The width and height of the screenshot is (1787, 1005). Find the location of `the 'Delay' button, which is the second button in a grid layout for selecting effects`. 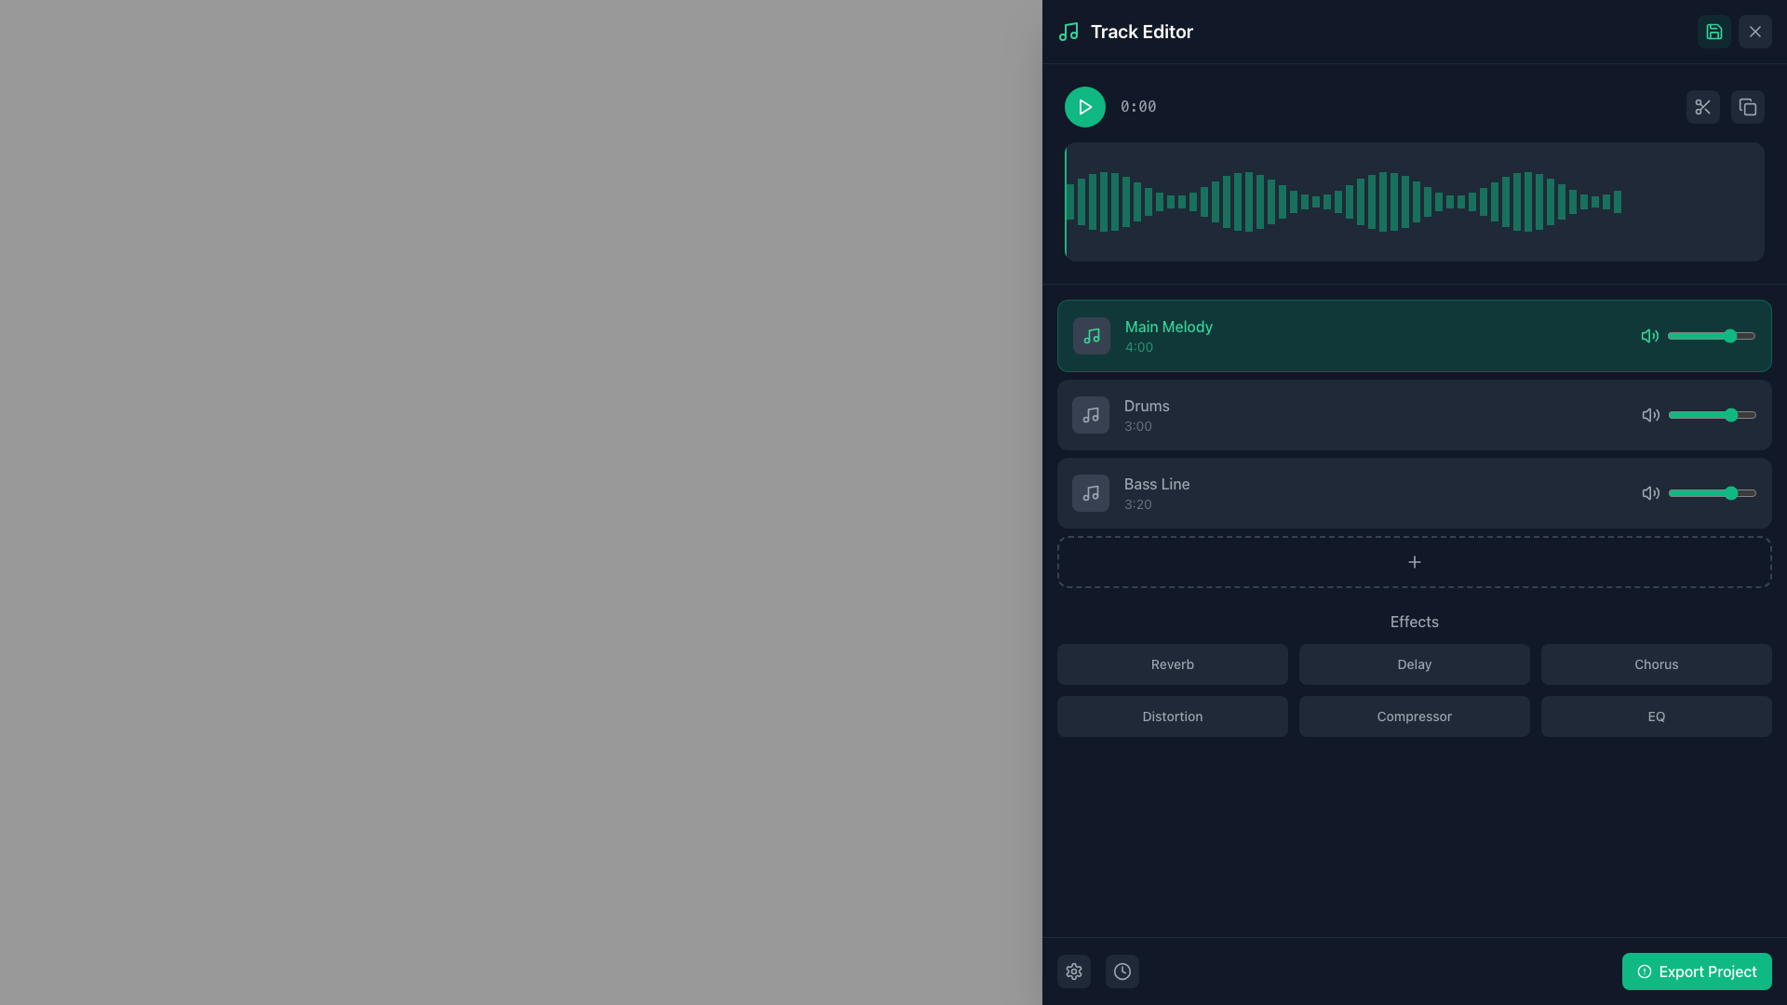

the 'Delay' button, which is the second button in a grid layout for selecting effects is located at coordinates (1415, 663).